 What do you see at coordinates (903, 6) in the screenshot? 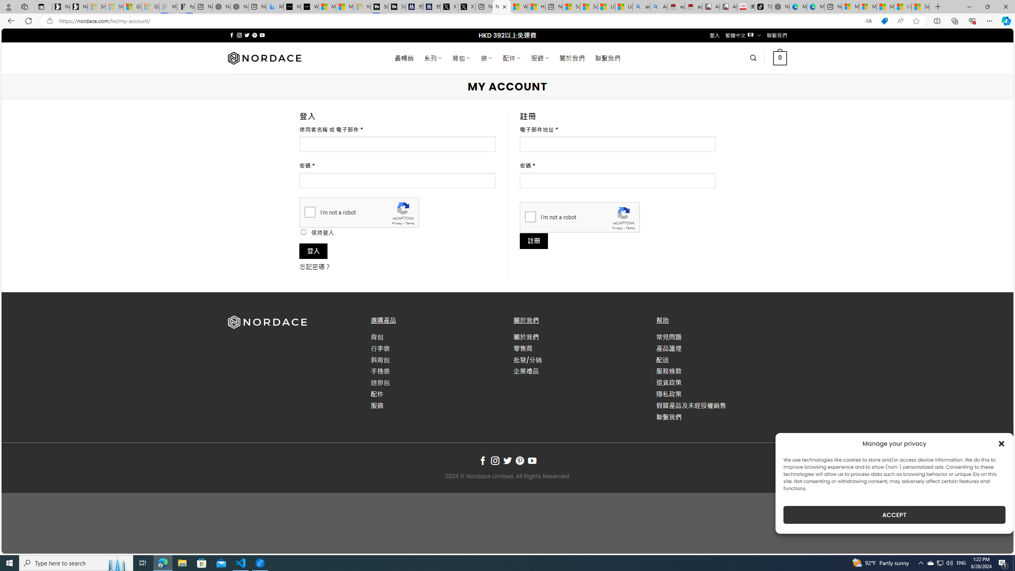
I see `'I Gained 20 Pounds of Muscle in 30 Days! | Watch'` at bounding box center [903, 6].